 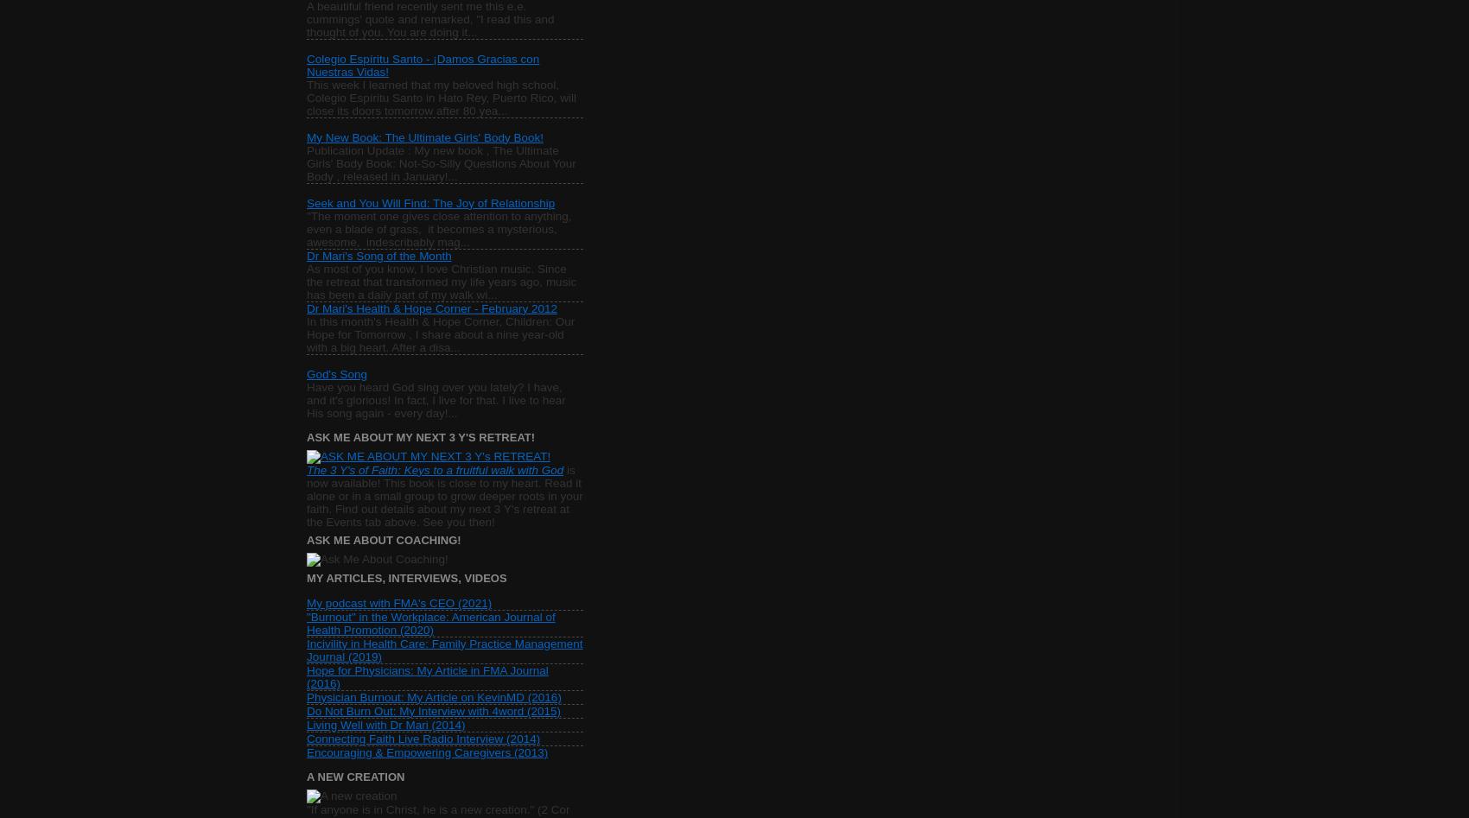 What do you see at coordinates (431, 307) in the screenshot?
I see `'Dr Mari's Health & Hope Corner - February 2012'` at bounding box center [431, 307].